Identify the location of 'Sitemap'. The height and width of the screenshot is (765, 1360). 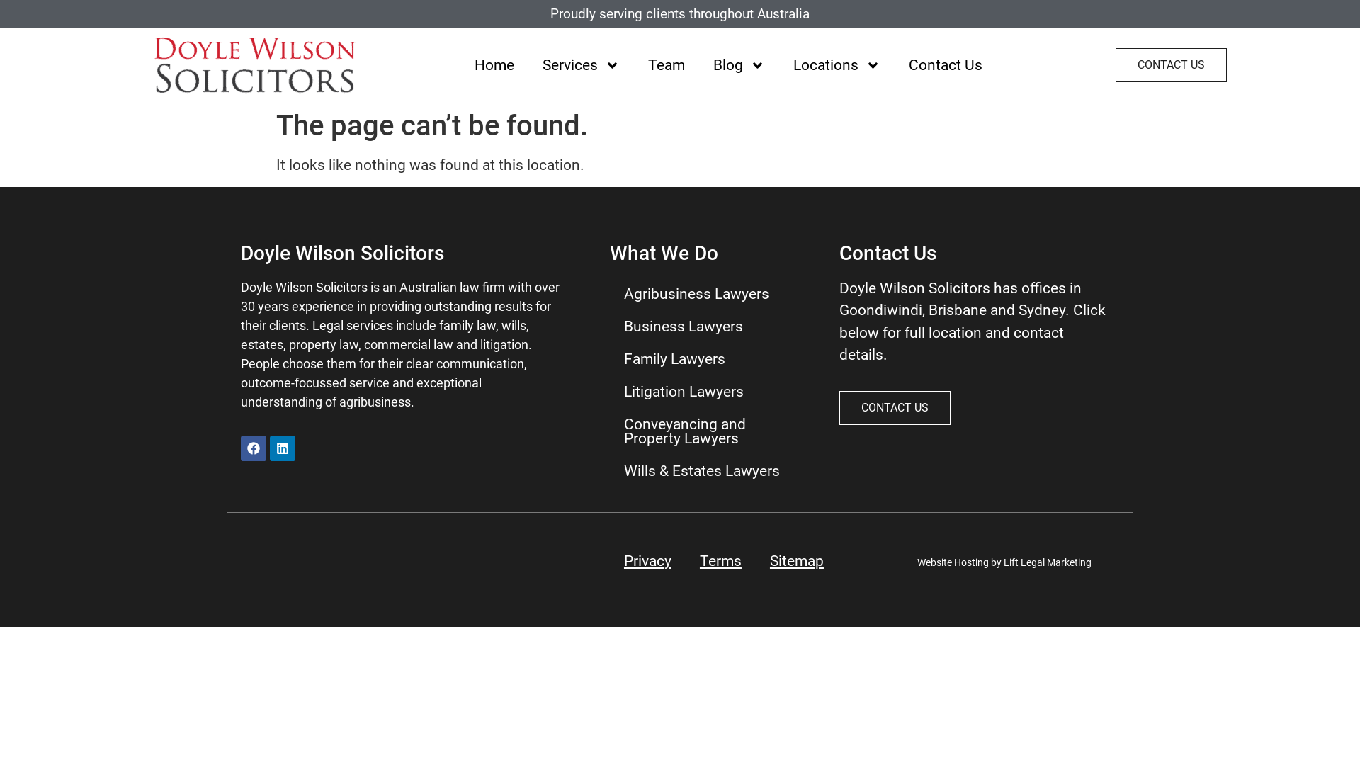
(796, 560).